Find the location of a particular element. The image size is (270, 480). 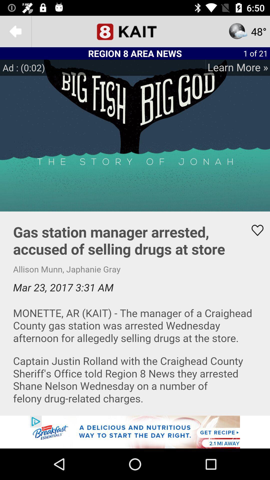

the favorite icon is located at coordinates (254, 230).